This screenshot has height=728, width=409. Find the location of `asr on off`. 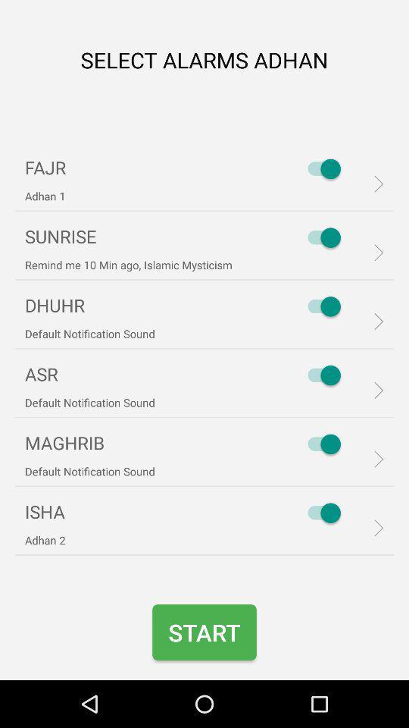

asr on off is located at coordinates (320, 375).